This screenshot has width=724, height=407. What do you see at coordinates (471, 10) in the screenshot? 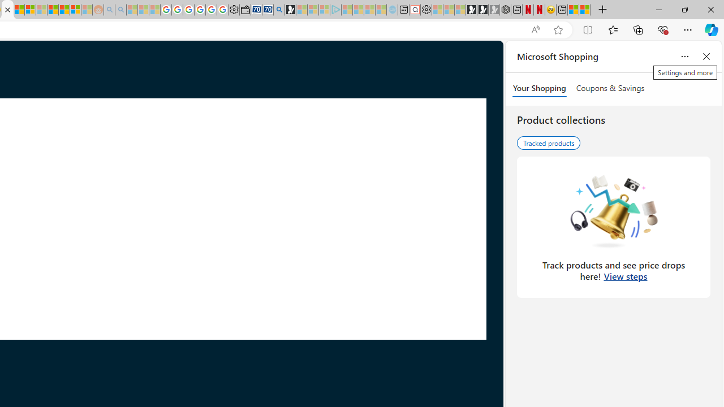
I see `'Play Free Online Games | Games from Microsoft Start'` at bounding box center [471, 10].